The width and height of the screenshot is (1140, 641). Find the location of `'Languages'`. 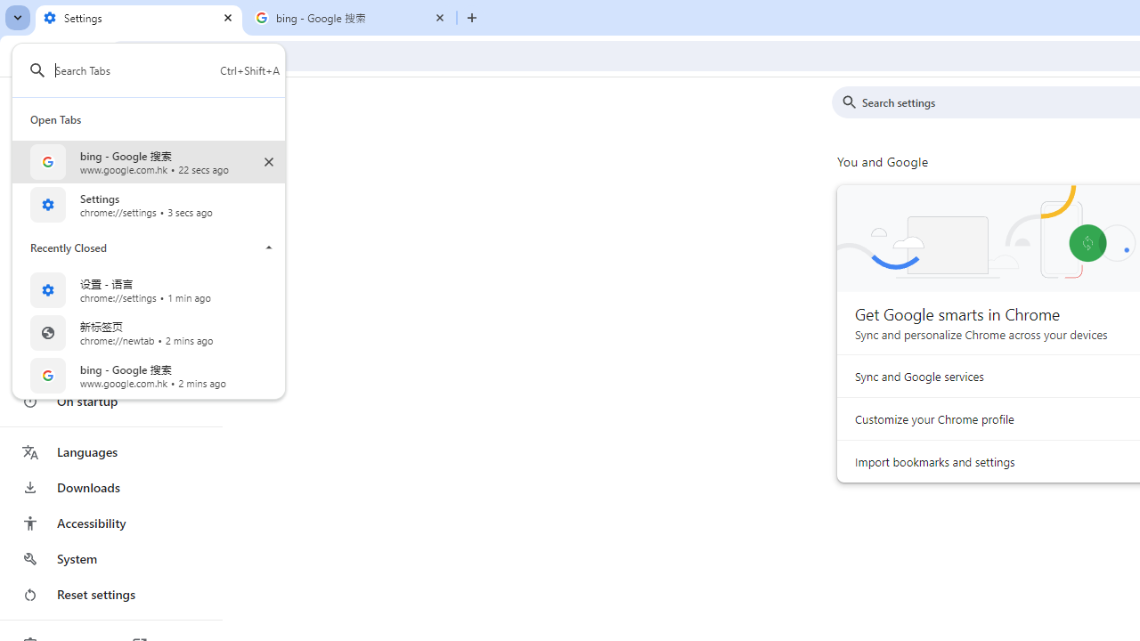

'Languages' is located at coordinates (110, 450).